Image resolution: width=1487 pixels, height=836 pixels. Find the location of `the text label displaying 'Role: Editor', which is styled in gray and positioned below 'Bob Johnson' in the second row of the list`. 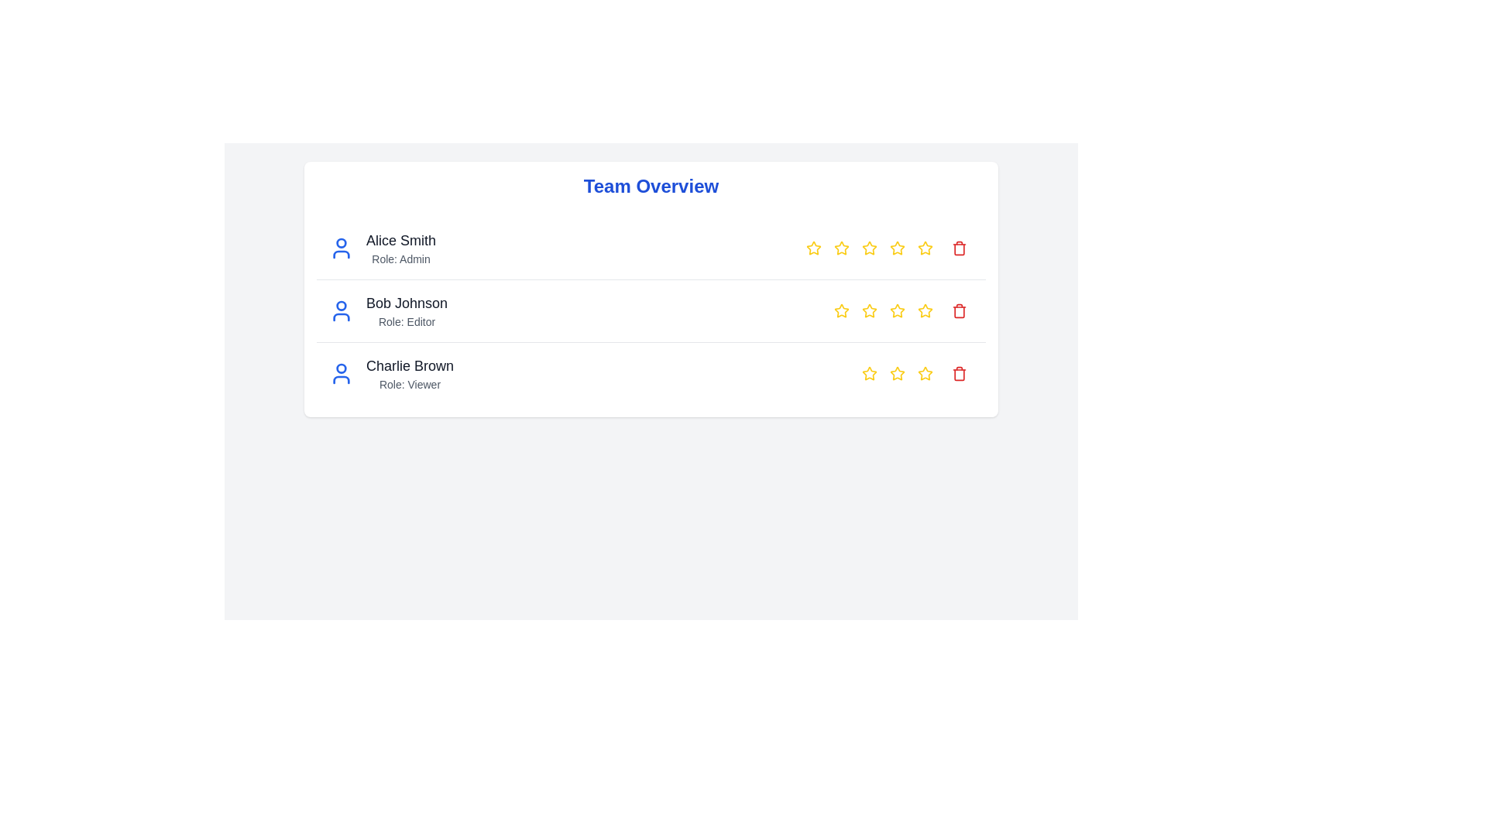

the text label displaying 'Role: Editor', which is styled in gray and positioned below 'Bob Johnson' in the second row of the list is located at coordinates (407, 321).